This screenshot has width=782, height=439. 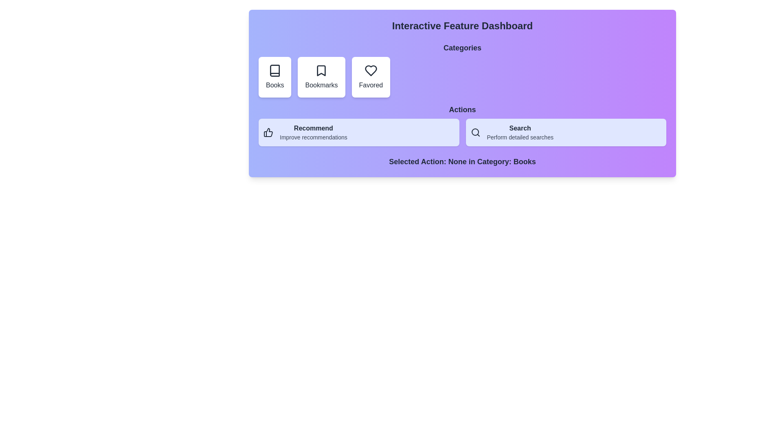 I want to click on main header text located at the top of the dashboard interface, which is centrally aligned above the 'Categories' and 'Actions' elements, so click(x=462, y=26).